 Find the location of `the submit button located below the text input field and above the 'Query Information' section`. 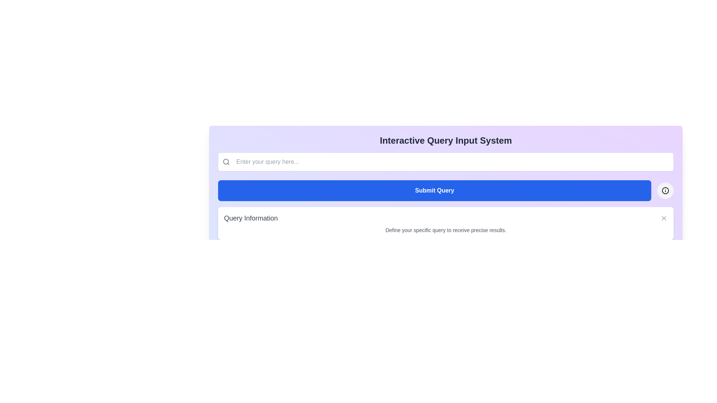

the submit button located below the text input field and above the 'Query Information' section is located at coordinates (446, 190).